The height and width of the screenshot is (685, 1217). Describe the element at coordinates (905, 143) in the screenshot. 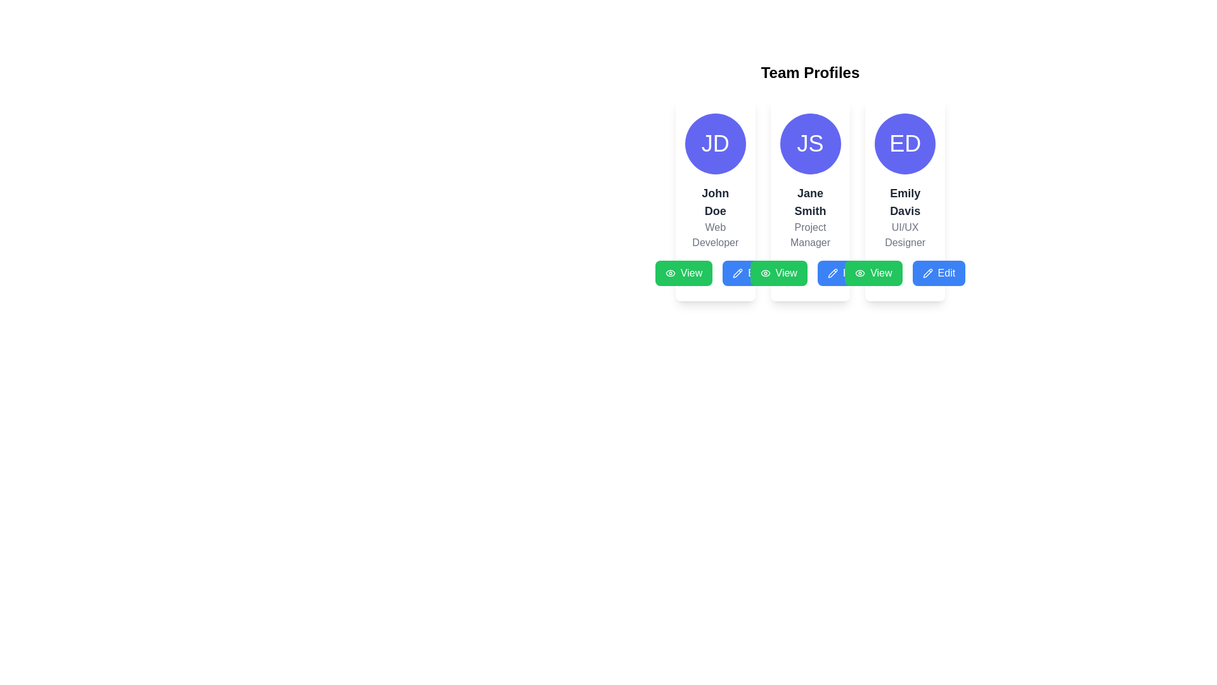

I see `the interactive circular badge with a purple background and white text displaying 'ED', located at the top of the third profile card above the name 'Emily Davis'` at that location.